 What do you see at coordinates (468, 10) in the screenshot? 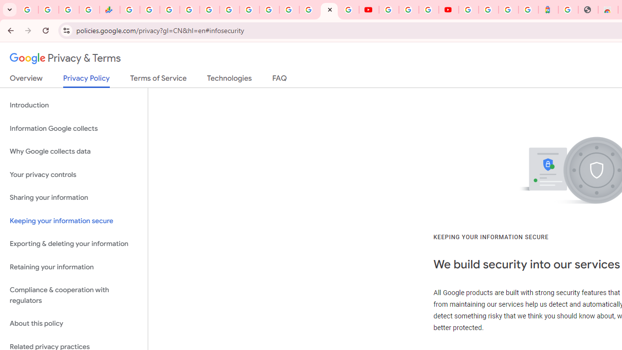
I see `'Sign in - Google Accounts'` at bounding box center [468, 10].